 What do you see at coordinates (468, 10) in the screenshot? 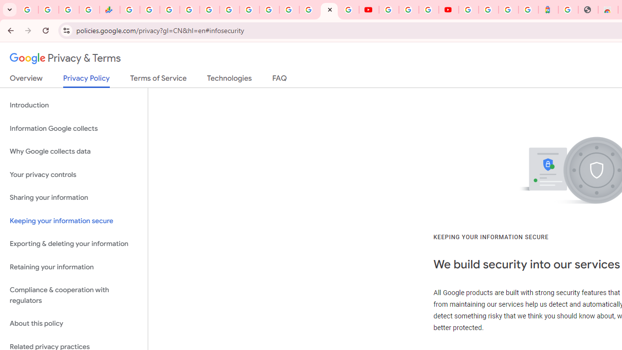
I see `'Sign in - Google Accounts'` at bounding box center [468, 10].